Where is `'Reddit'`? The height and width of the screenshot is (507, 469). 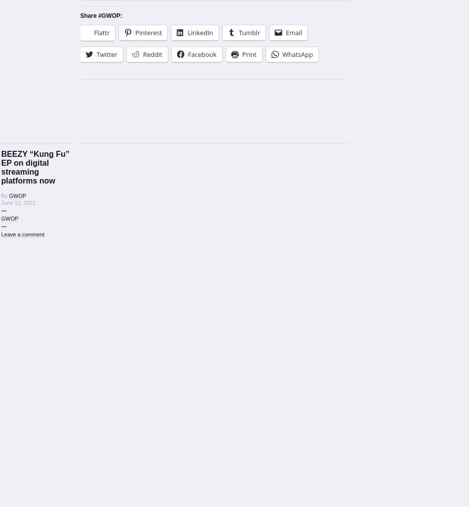 'Reddit' is located at coordinates (152, 54).